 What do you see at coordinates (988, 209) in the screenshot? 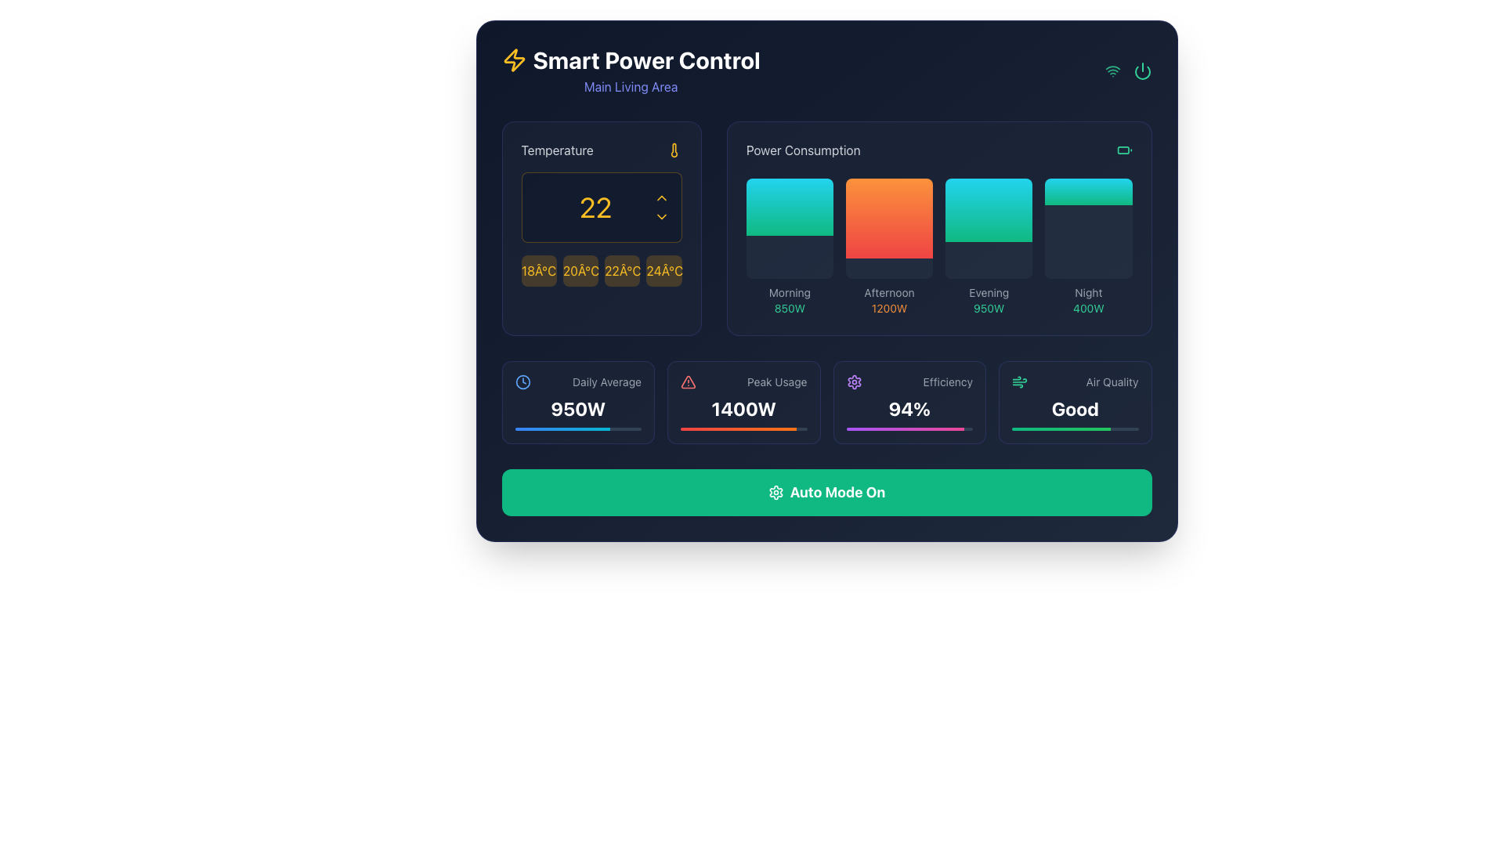
I see `the gradient-colored progress bar located in the 'Evening' section under 'Power Consumption'` at bounding box center [988, 209].